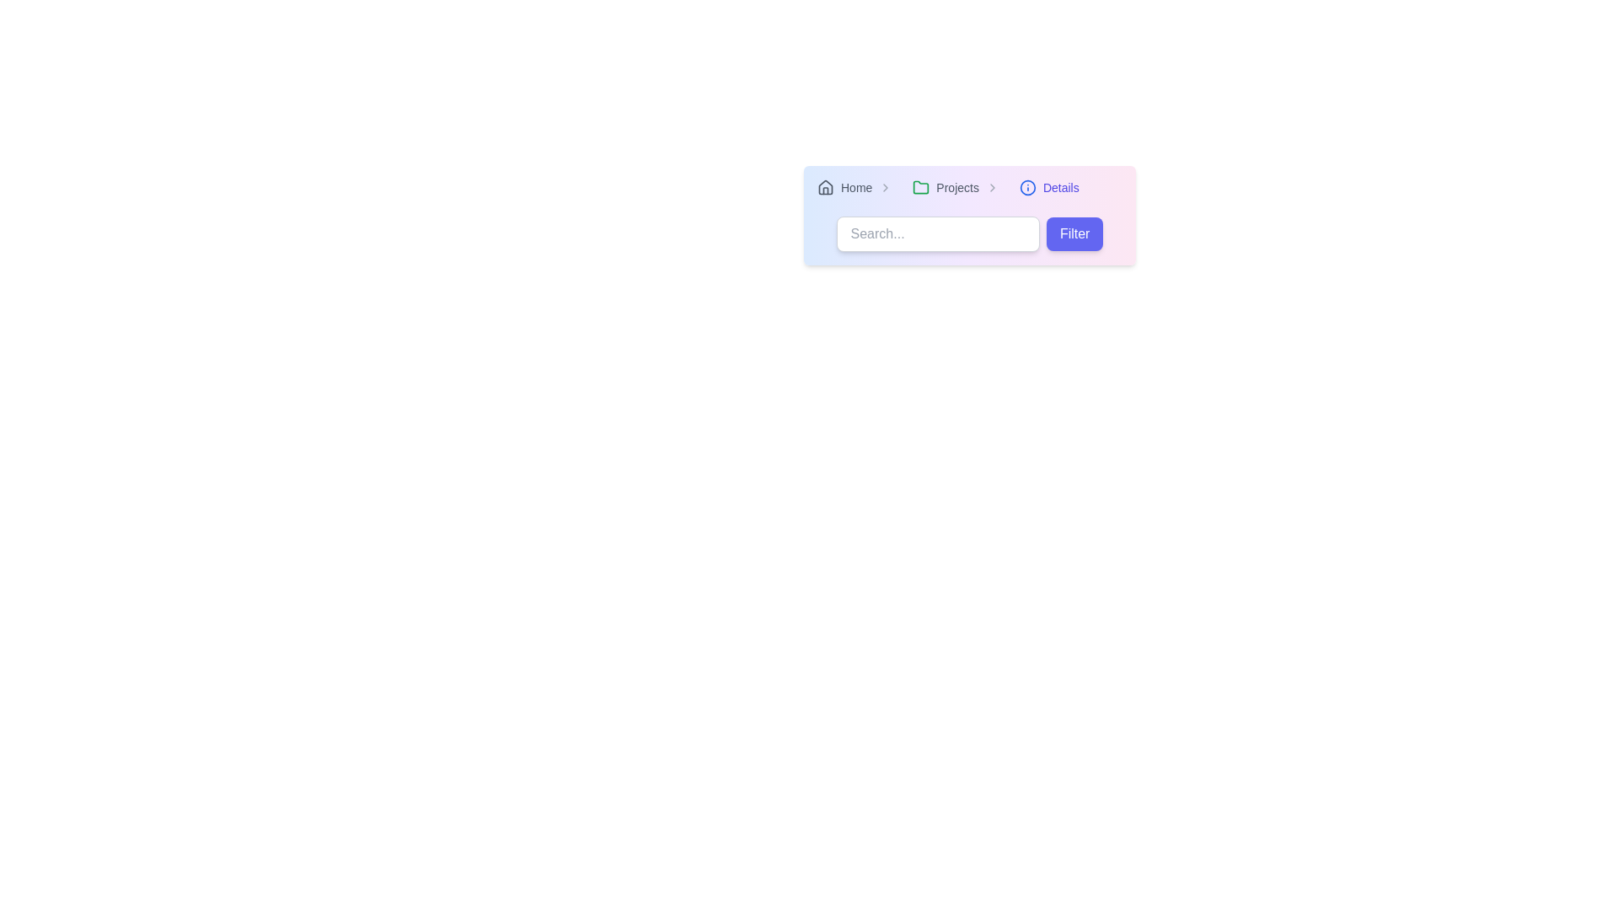 This screenshot has height=910, width=1618. I want to click on the 'Projects' label in the breadcrumb navigation bar, so click(970, 188).